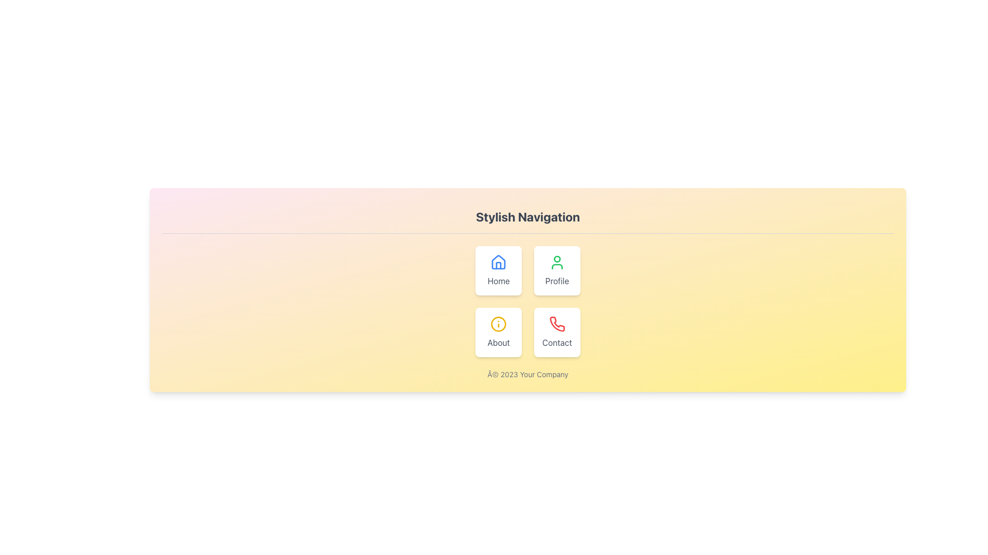 The image size is (988, 555). What do you see at coordinates (556, 266) in the screenshot?
I see `the lower part of the user profile icon in the 'Profile' navigation item within the 'Stylish Navigation' section, which is styled in green and is a decorative vector graphic element` at bounding box center [556, 266].